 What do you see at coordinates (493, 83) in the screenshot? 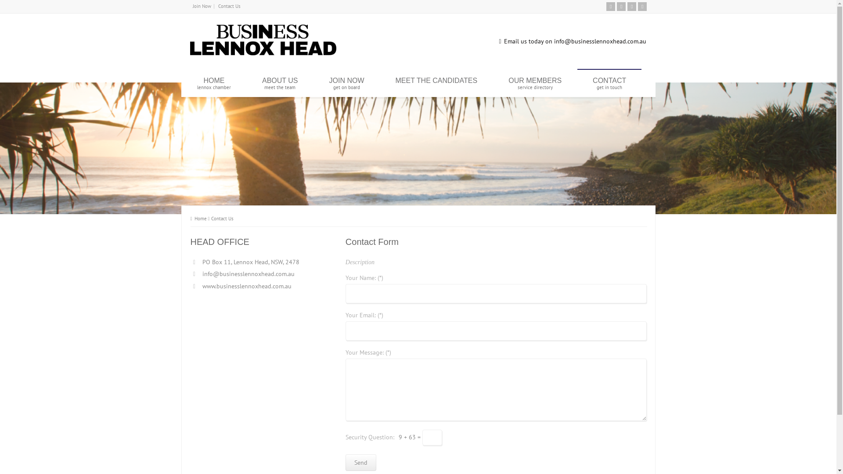
I see `'OUR MEMBERS` at bounding box center [493, 83].